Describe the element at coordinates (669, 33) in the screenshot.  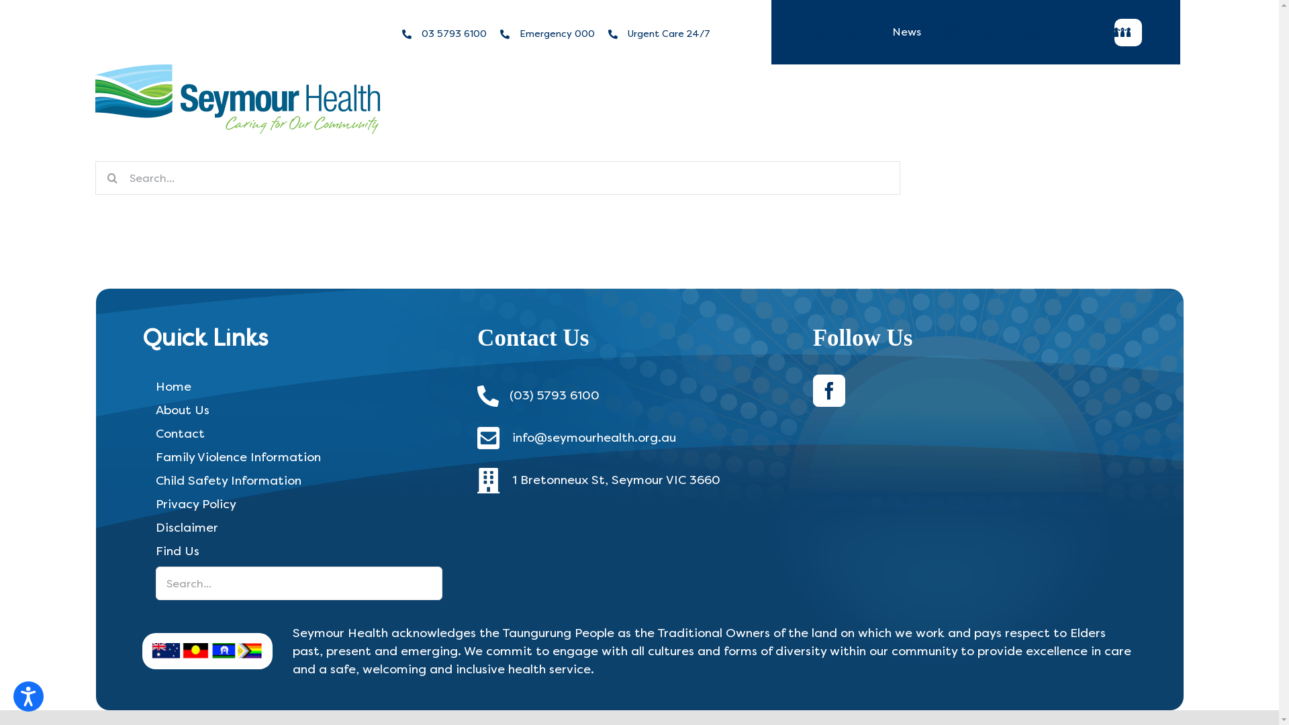
I see `'Urgent Care 24/7'` at that location.